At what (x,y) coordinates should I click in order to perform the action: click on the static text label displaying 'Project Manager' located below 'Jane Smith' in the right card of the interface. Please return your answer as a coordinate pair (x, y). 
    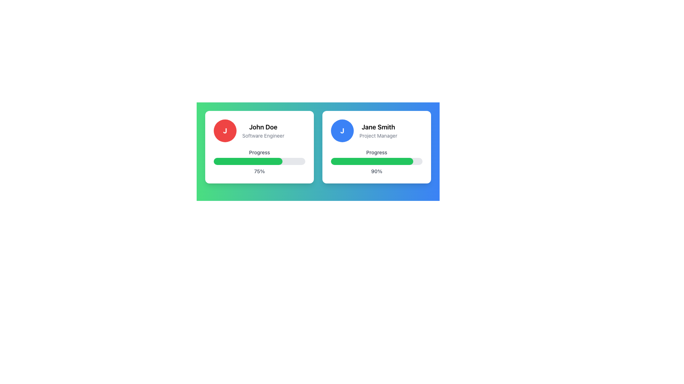
    Looking at the image, I should click on (378, 135).